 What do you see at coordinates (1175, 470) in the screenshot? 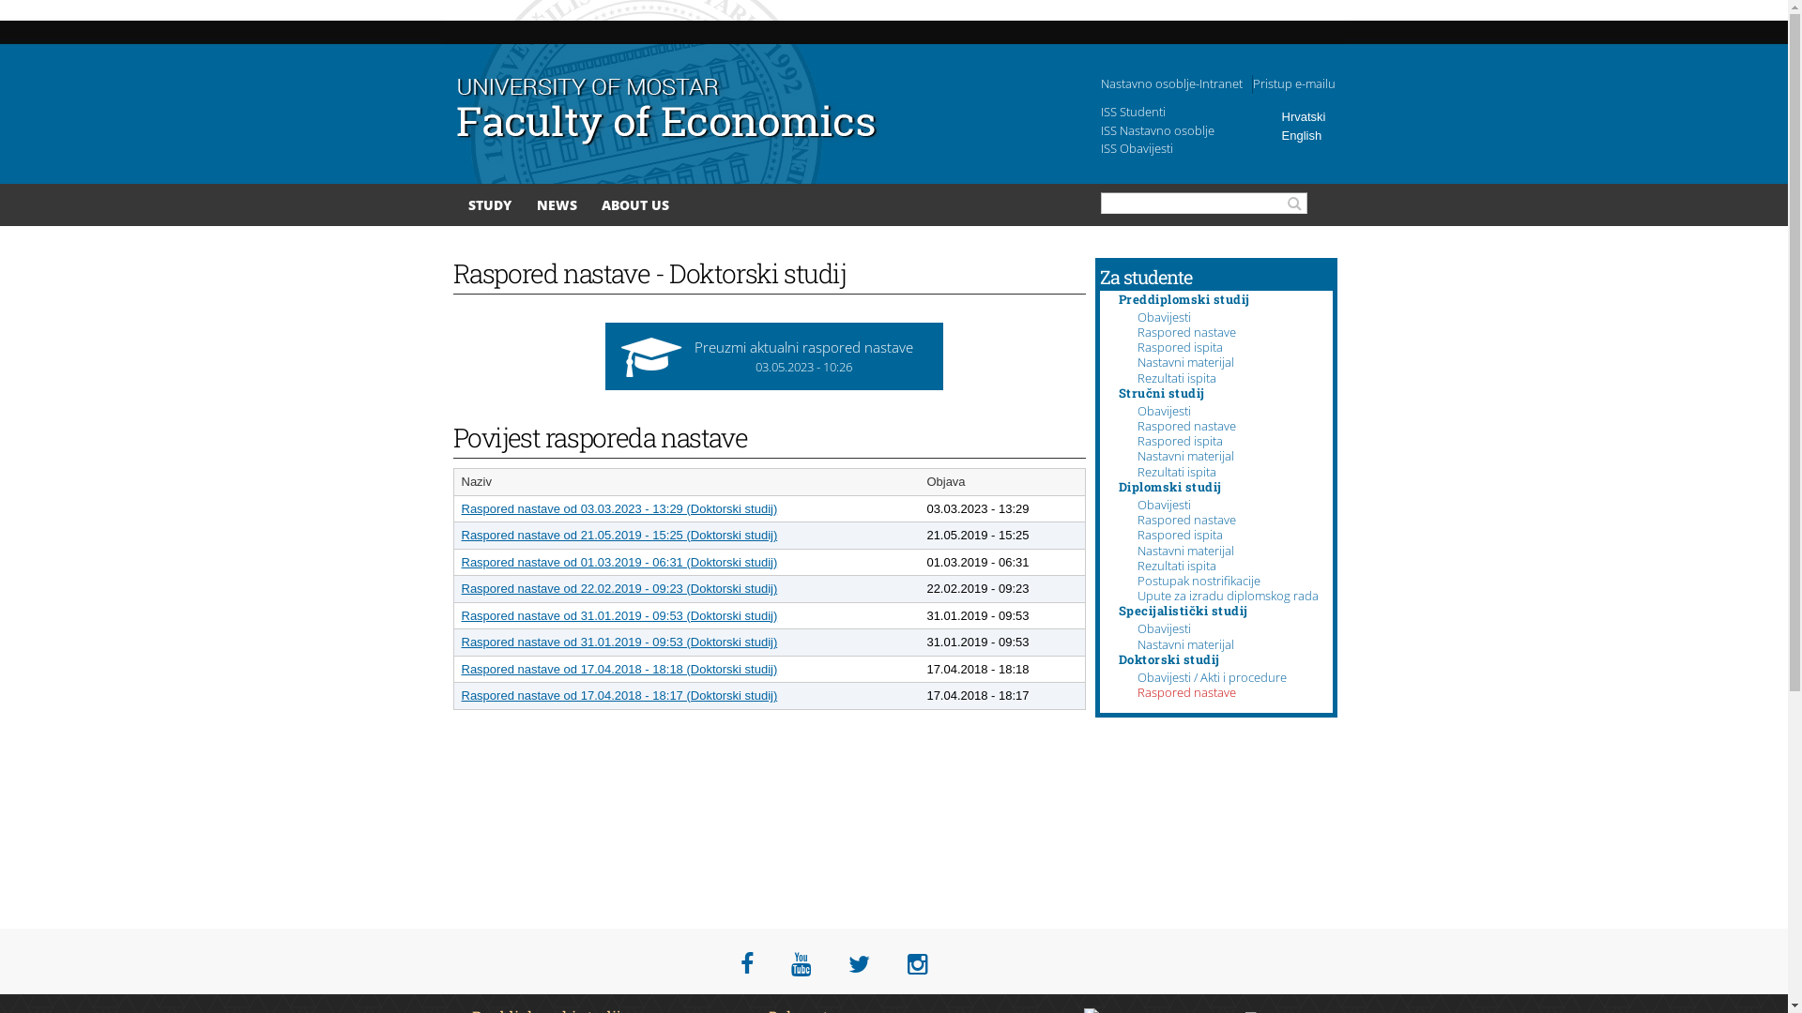
I see `'Rezultati ispita'` at bounding box center [1175, 470].